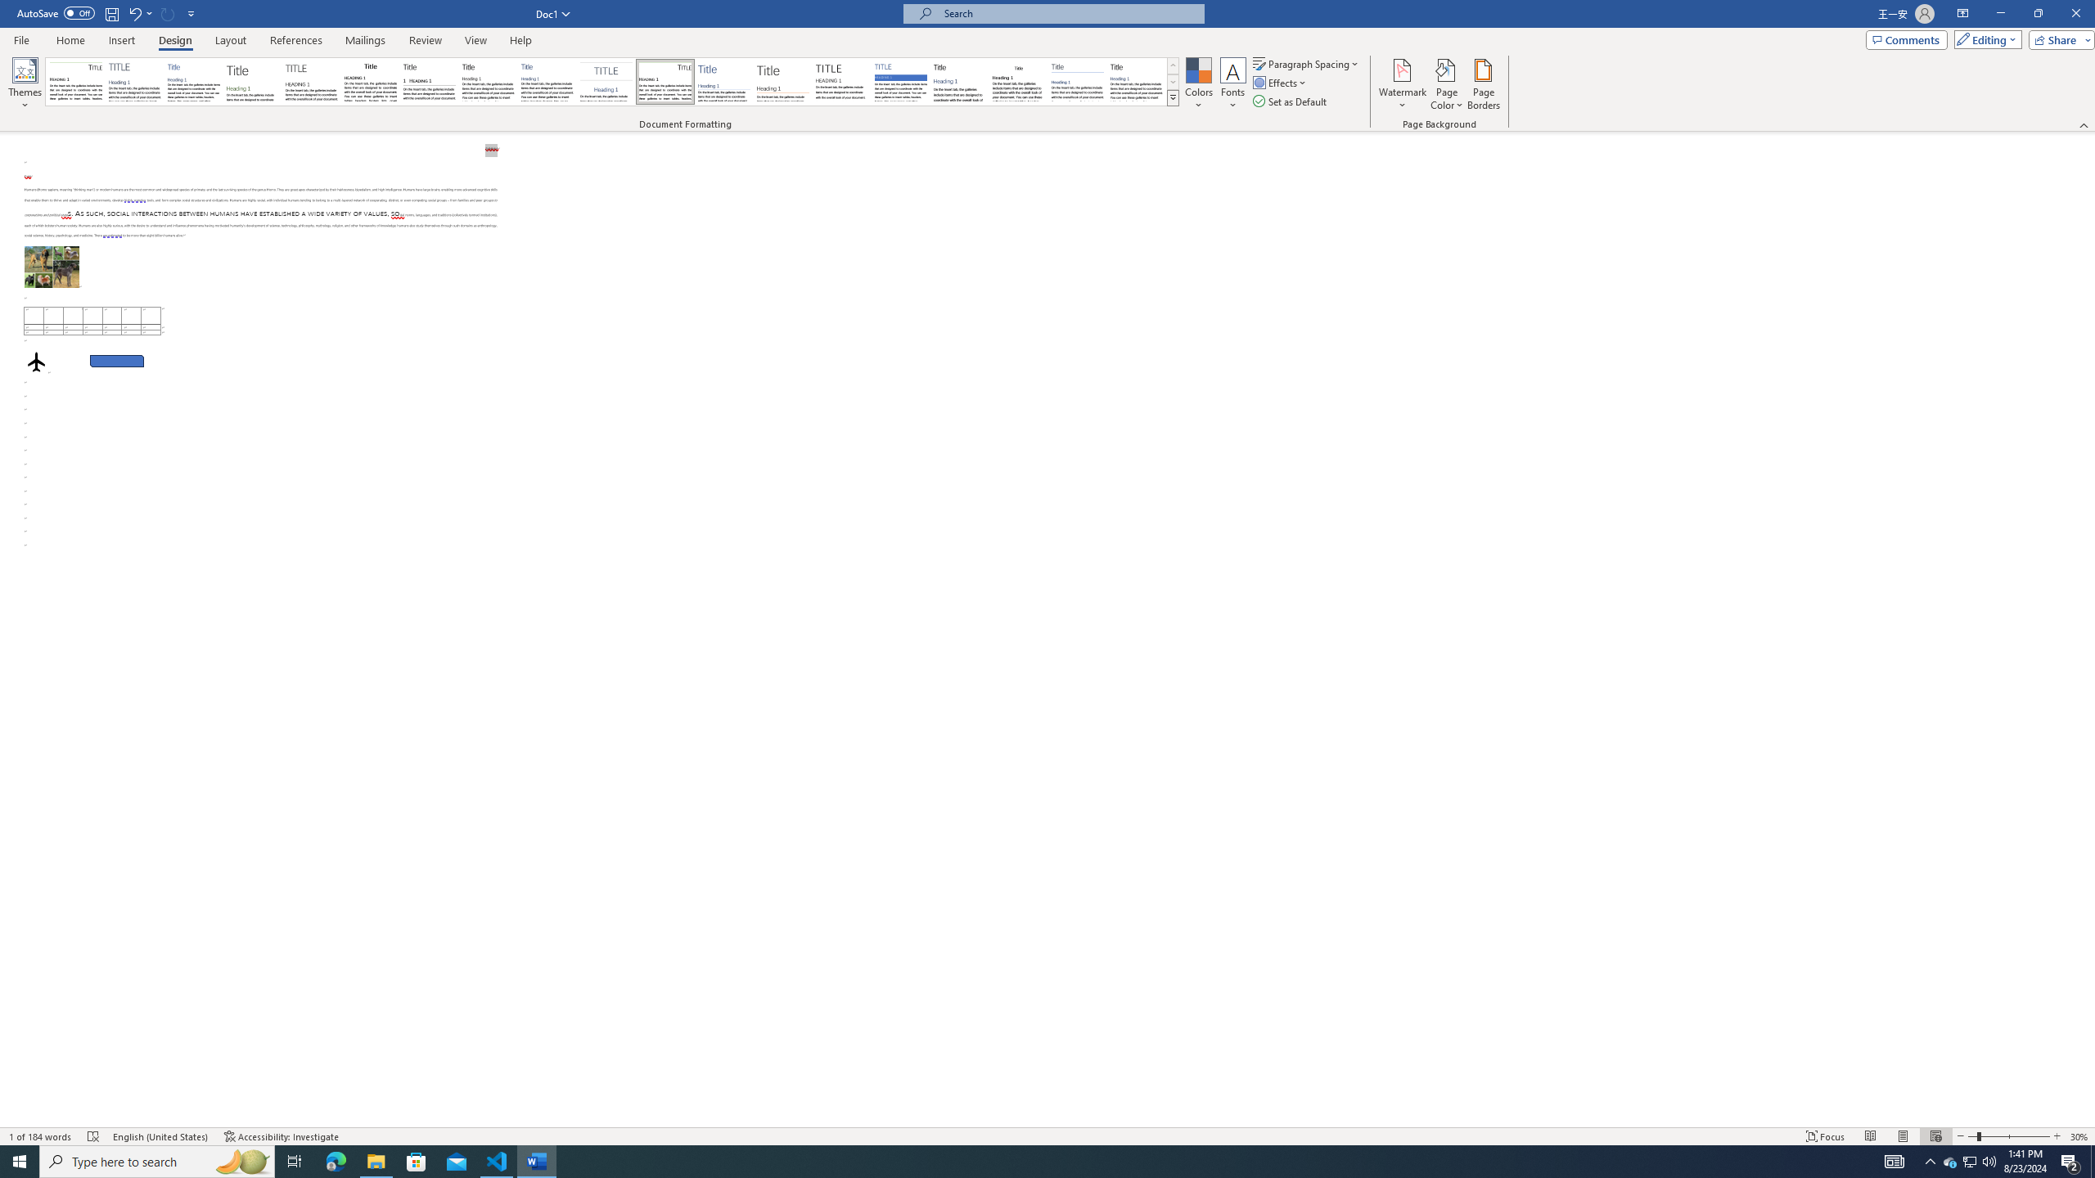  Describe the element at coordinates (1232, 84) in the screenshot. I see `'Fonts'` at that location.